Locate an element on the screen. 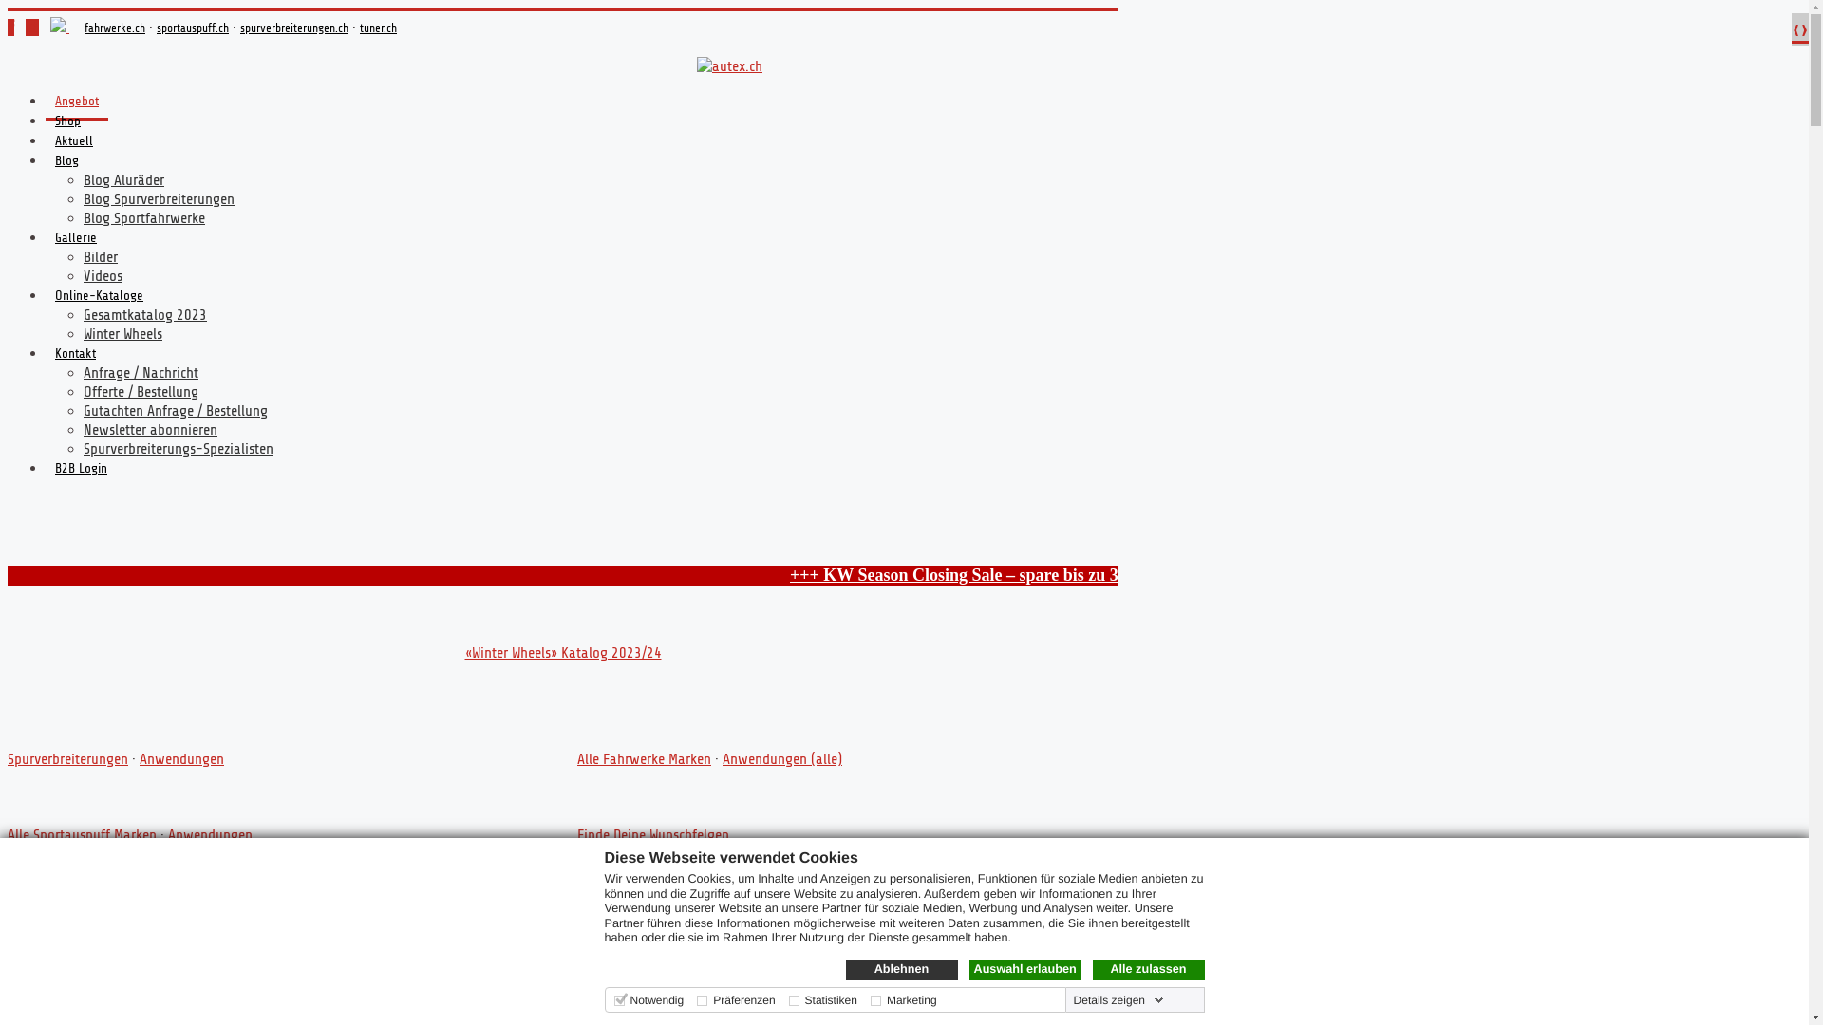 This screenshot has height=1025, width=1823. 'Alle Sportauspuff Marken' is located at coordinates (81, 833).